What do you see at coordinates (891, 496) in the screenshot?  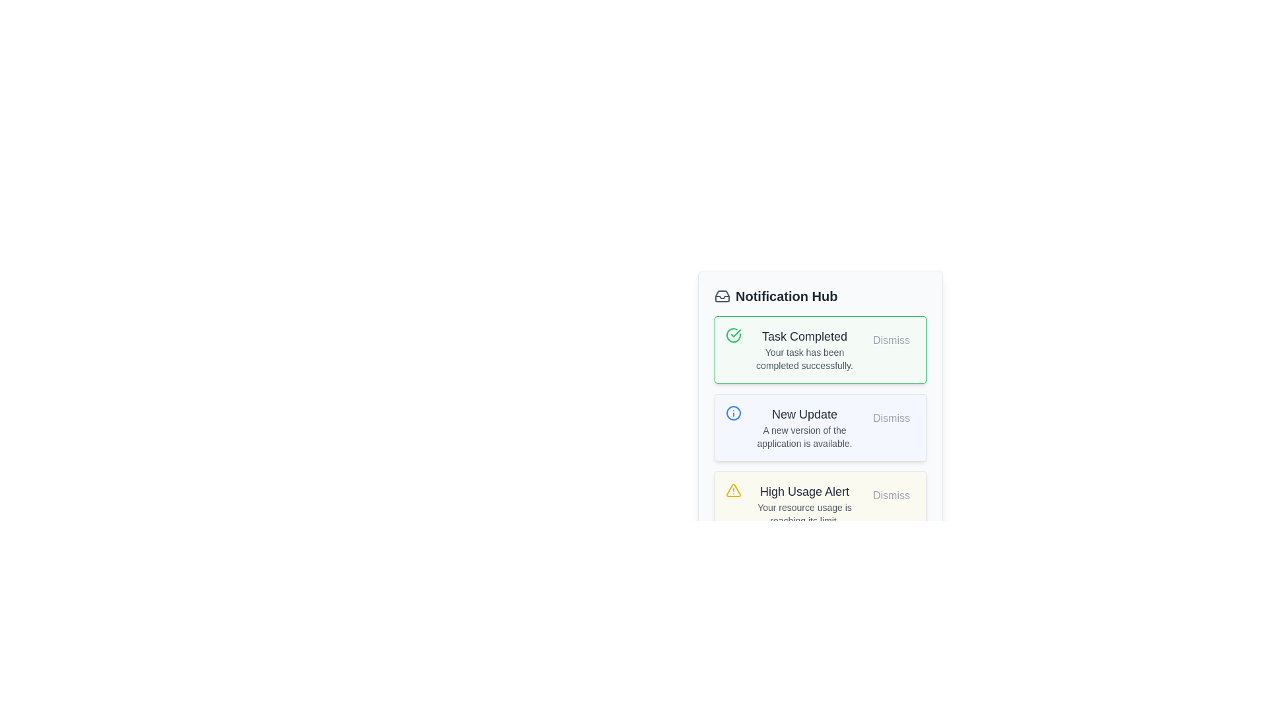 I see `the 'Dismiss' button with a light gray background and rounded edges` at bounding box center [891, 496].